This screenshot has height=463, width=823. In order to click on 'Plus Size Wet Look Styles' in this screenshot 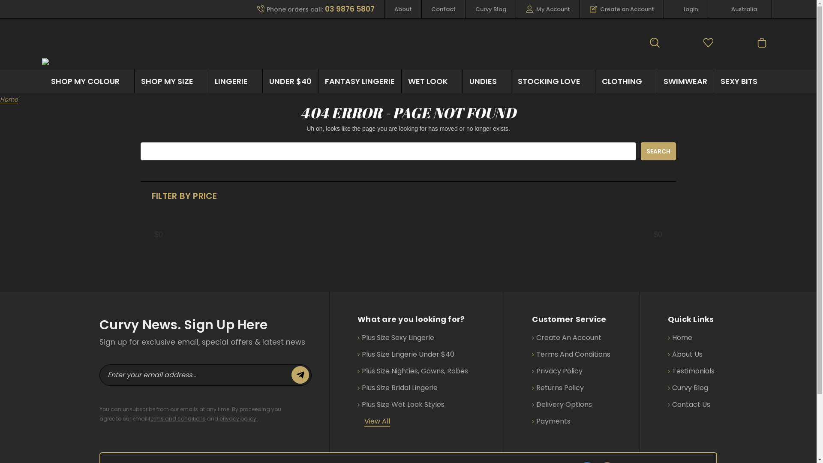, I will do `click(400, 405)`.